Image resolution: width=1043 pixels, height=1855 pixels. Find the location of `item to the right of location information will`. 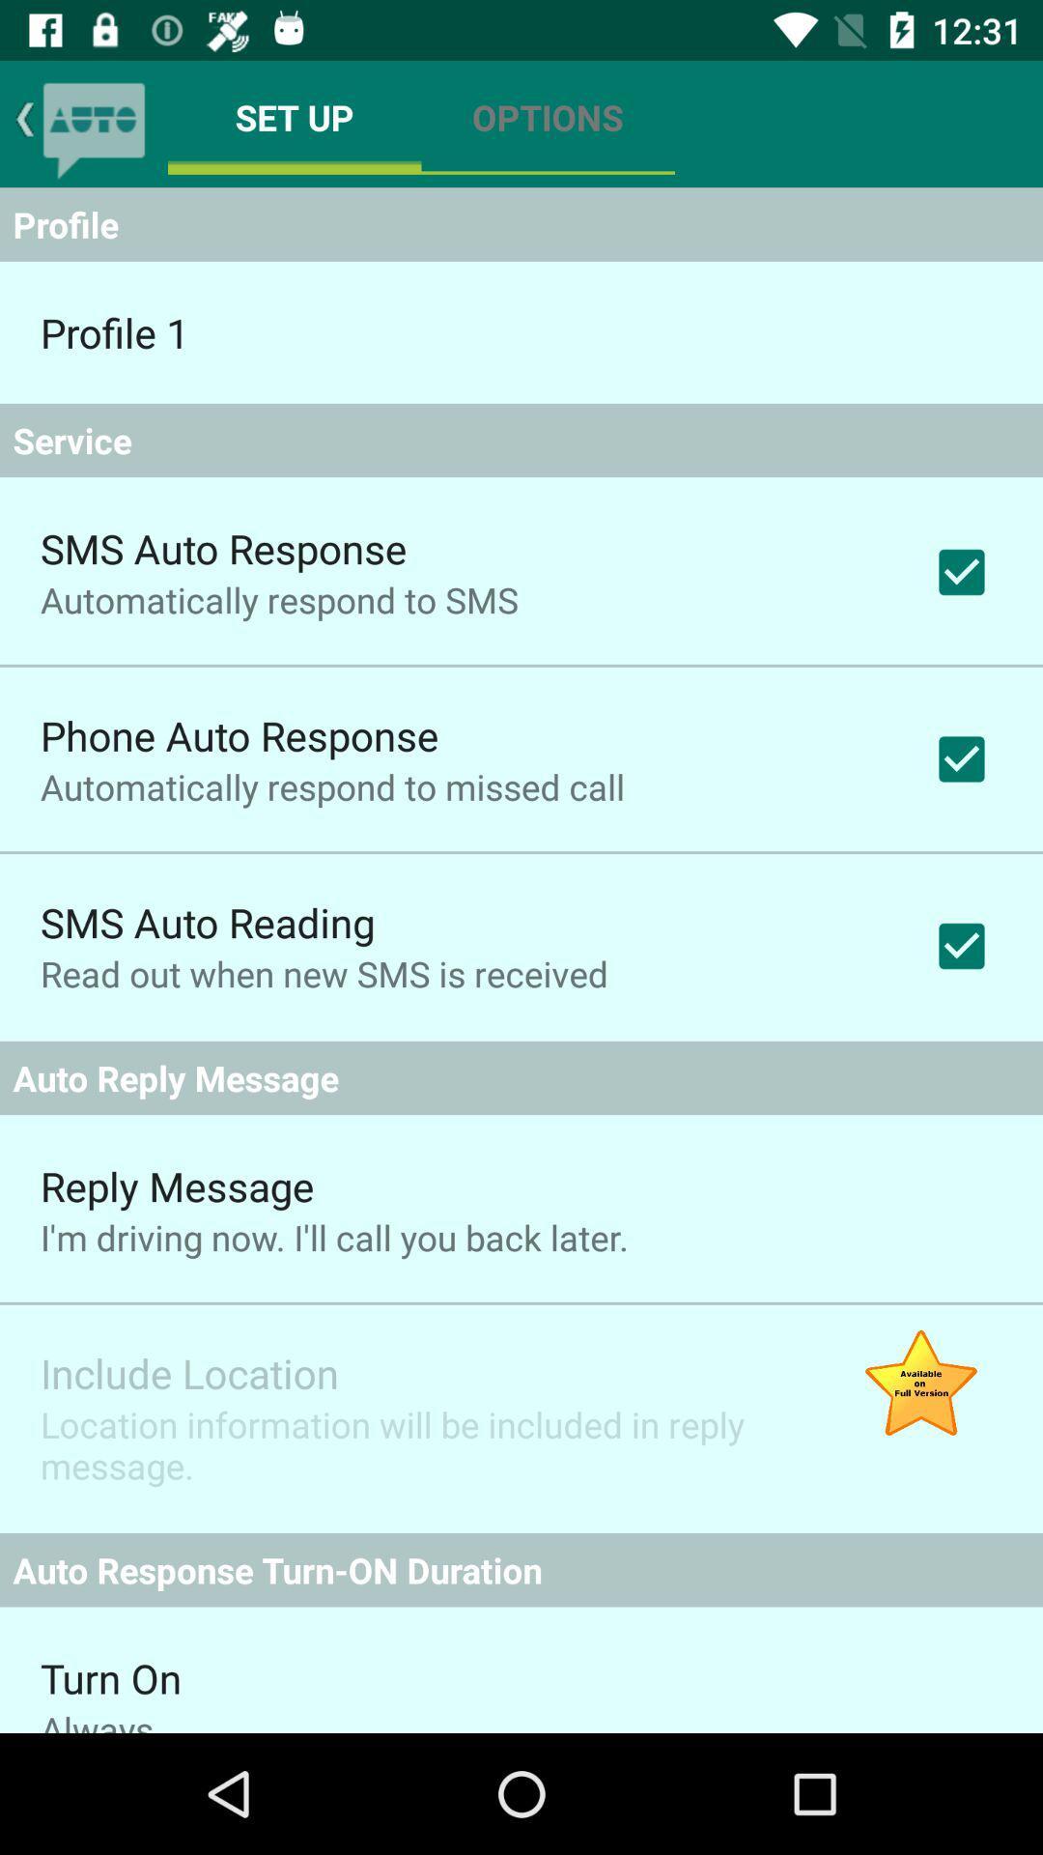

item to the right of location information will is located at coordinates (919, 1384).